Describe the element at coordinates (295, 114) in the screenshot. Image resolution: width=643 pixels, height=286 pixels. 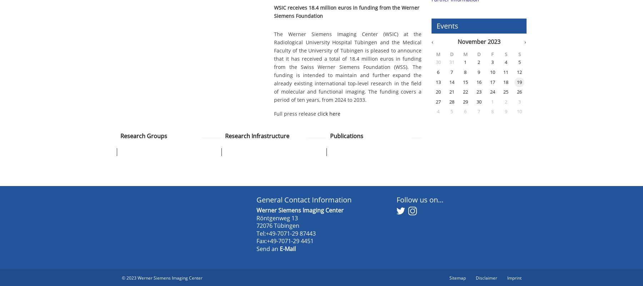
I see `'Full press release'` at that location.